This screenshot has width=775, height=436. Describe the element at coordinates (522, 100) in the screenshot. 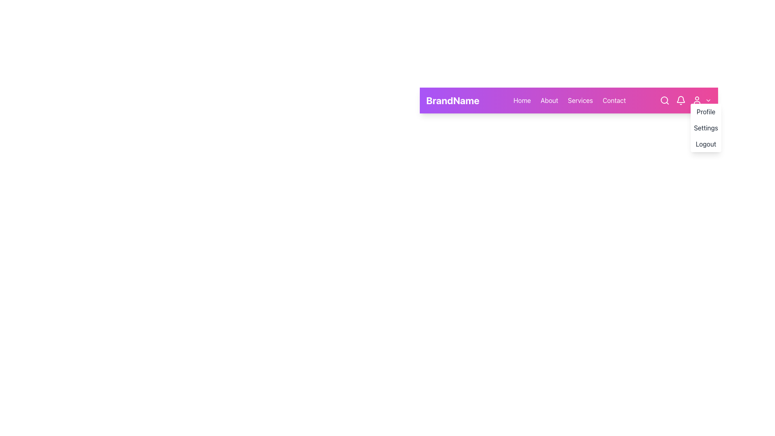

I see `the first hyperlink in the top navigation bar, located immediately to the right of the 'BrandName' text` at that location.